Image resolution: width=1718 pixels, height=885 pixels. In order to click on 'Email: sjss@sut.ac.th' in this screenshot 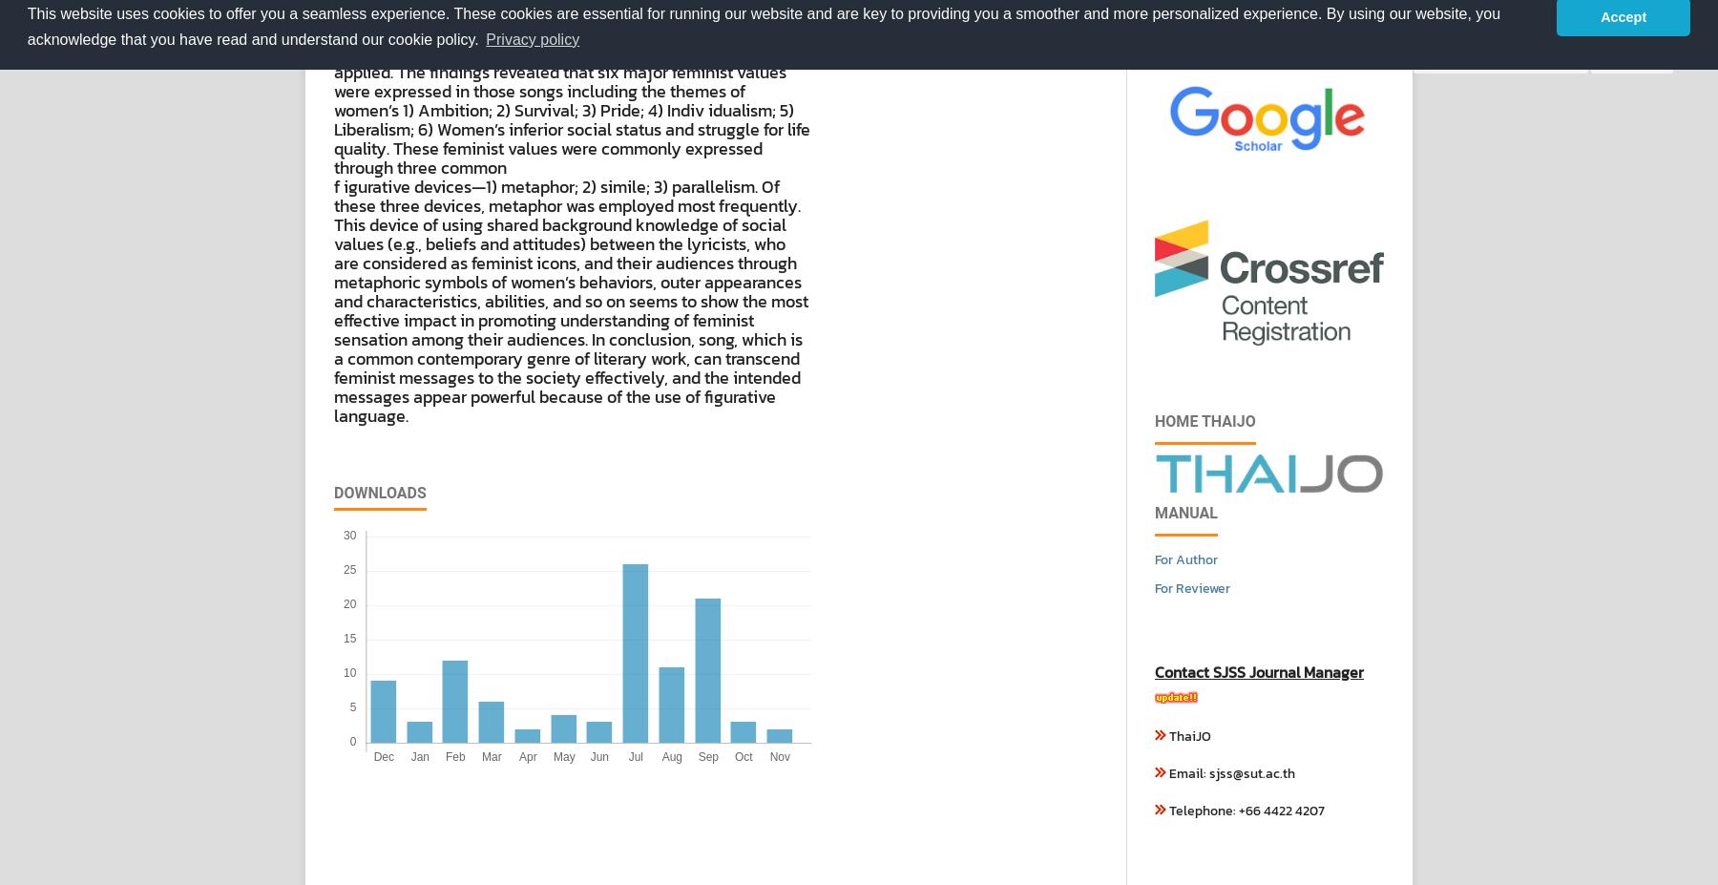, I will do `click(1230, 773)`.